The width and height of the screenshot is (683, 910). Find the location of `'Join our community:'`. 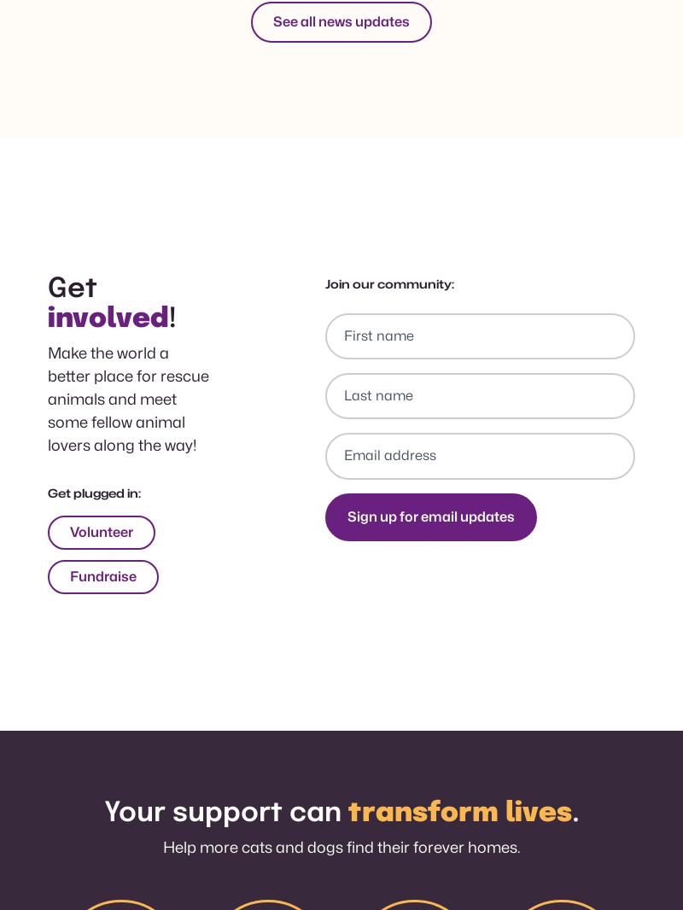

'Join our community:' is located at coordinates (388, 283).